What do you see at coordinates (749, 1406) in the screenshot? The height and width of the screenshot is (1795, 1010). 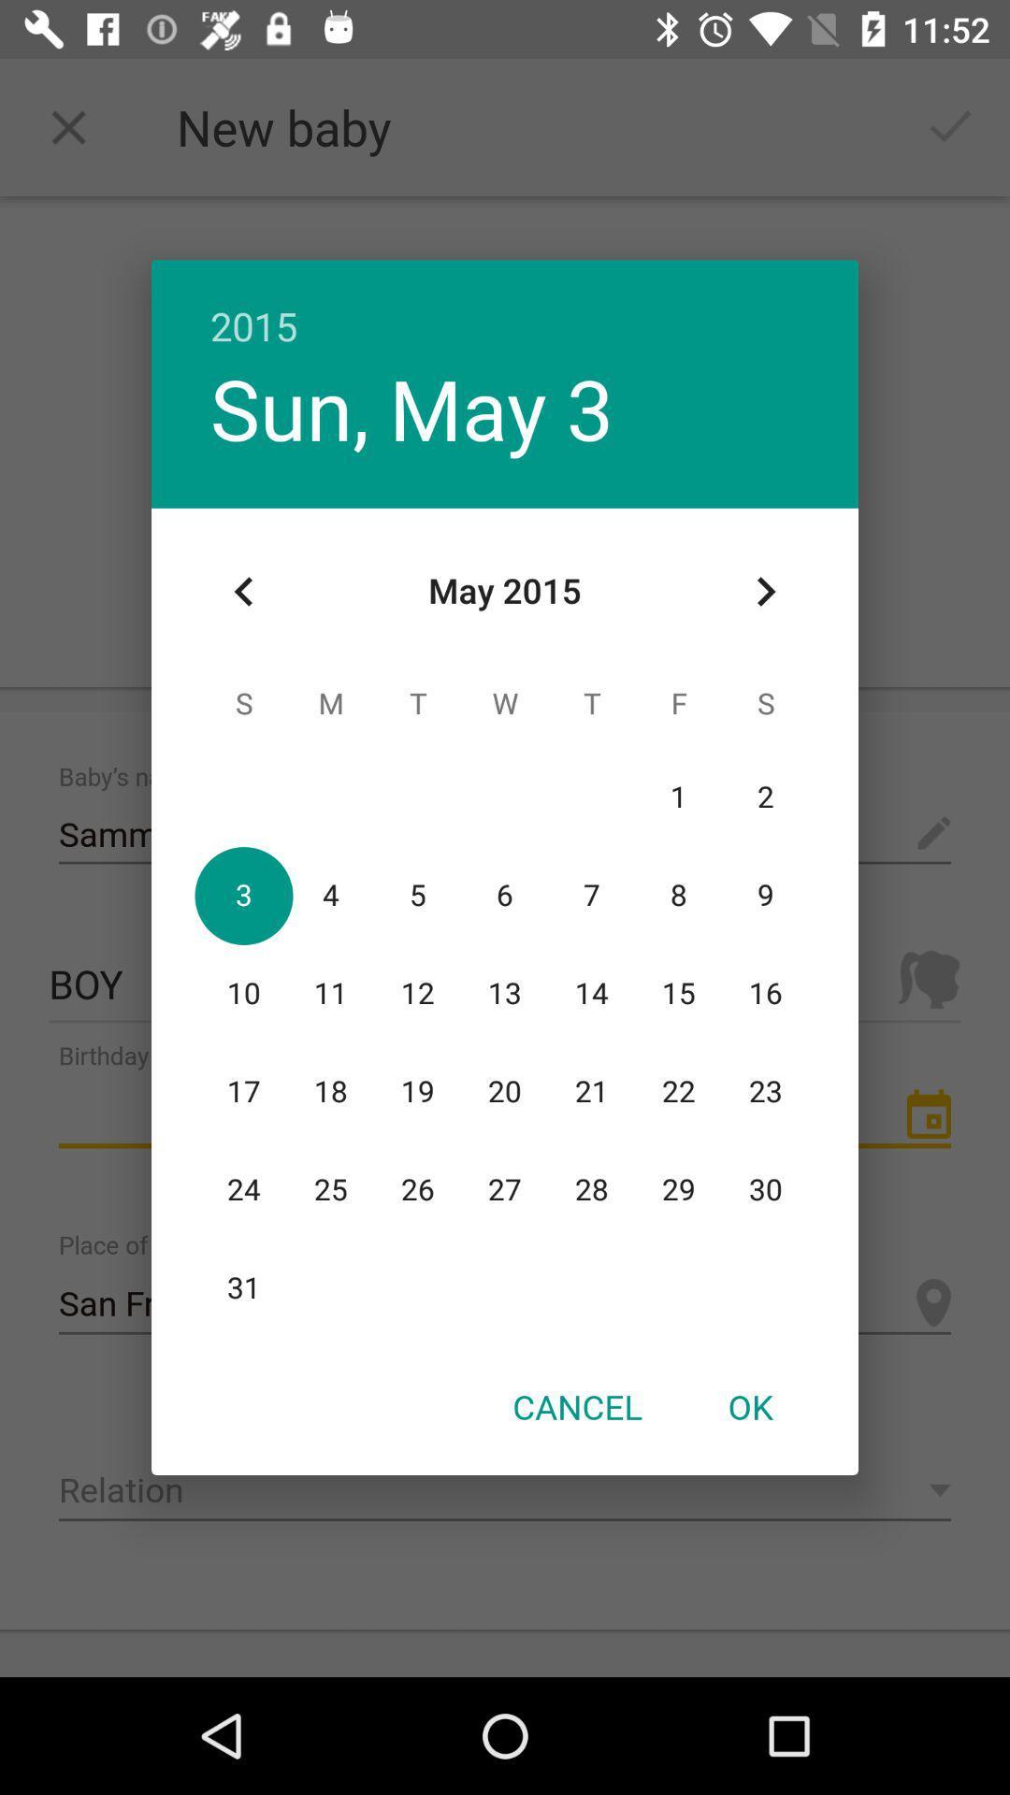 I see `icon next to the cancel` at bounding box center [749, 1406].